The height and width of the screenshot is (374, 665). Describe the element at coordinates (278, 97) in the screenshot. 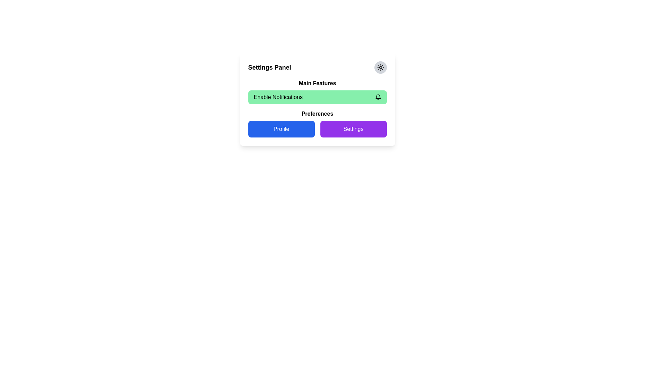

I see `the 'Enable Notifications' text label displayed in bold sans-serif font on a light green background to trigger potential interactions` at that location.